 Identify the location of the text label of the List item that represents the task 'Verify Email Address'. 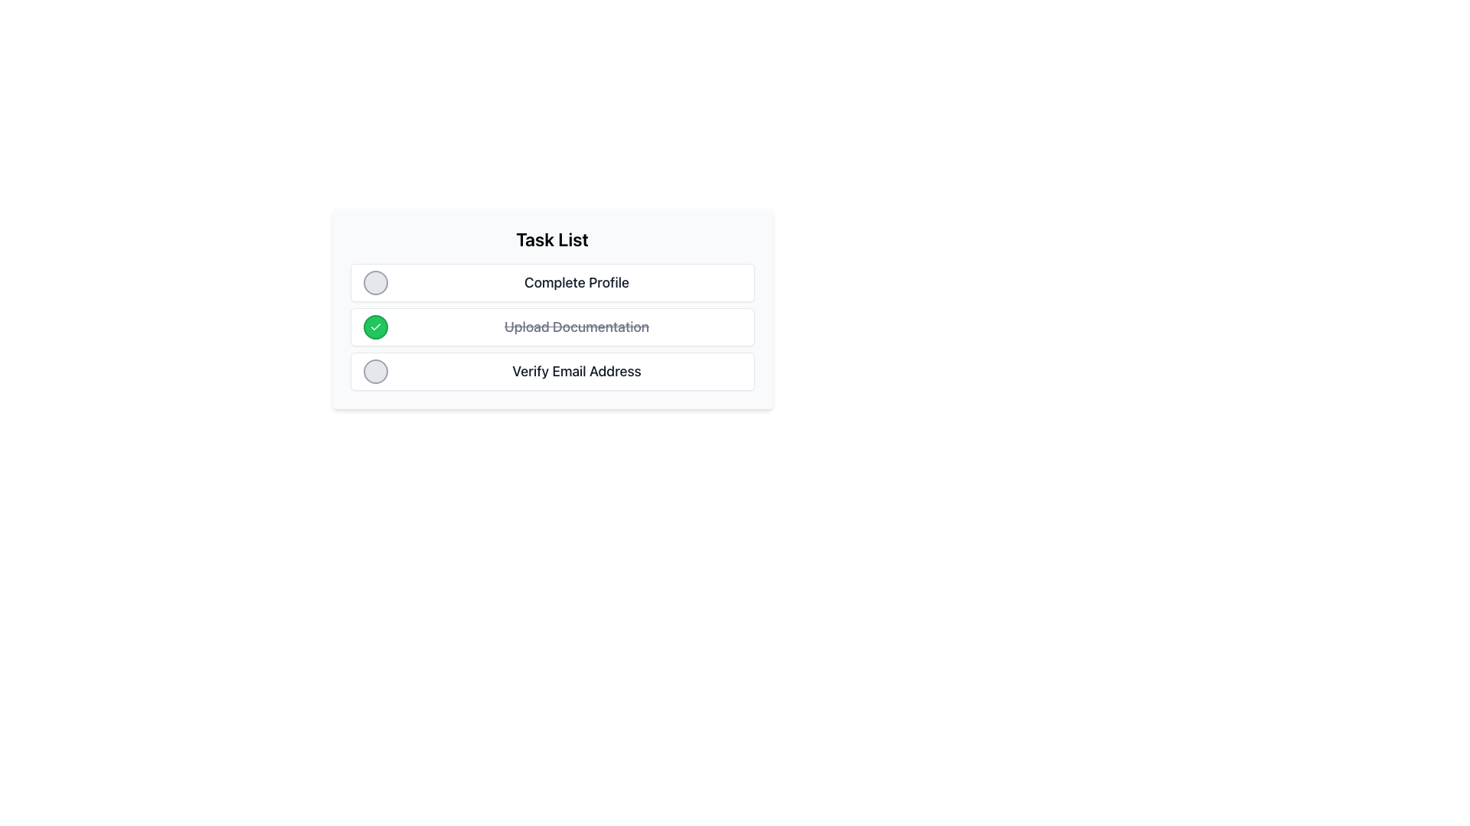
(551, 372).